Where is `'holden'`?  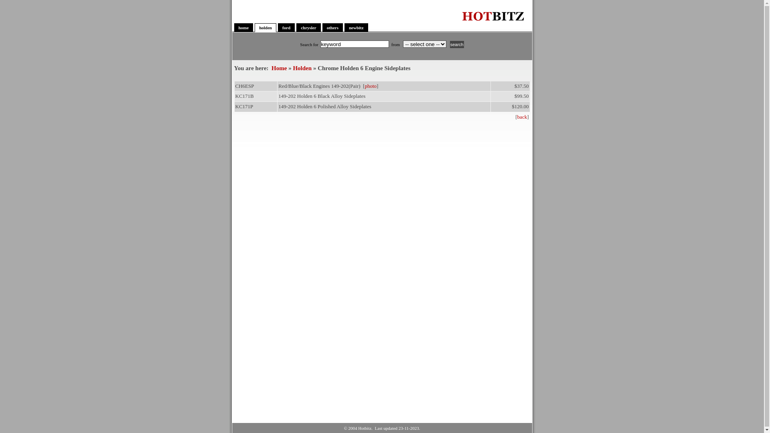 'holden' is located at coordinates (254, 27).